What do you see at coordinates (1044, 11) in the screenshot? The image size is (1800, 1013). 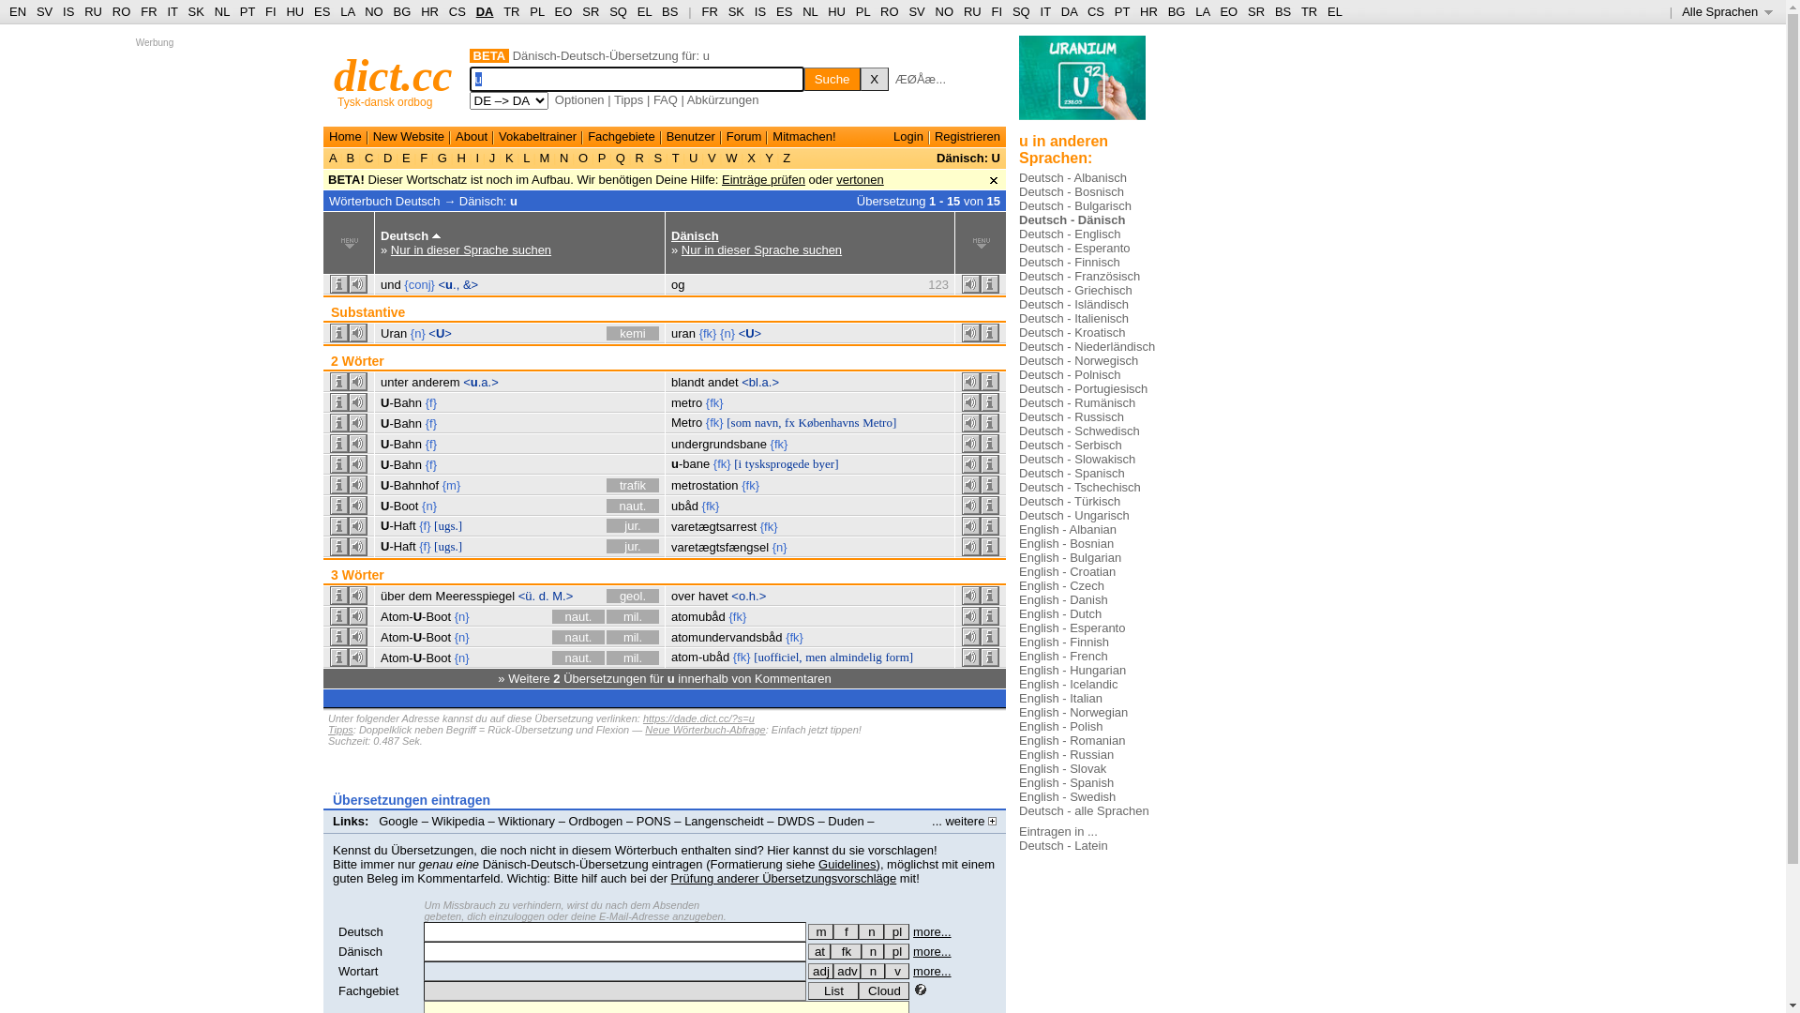 I see `'IT'` at bounding box center [1044, 11].